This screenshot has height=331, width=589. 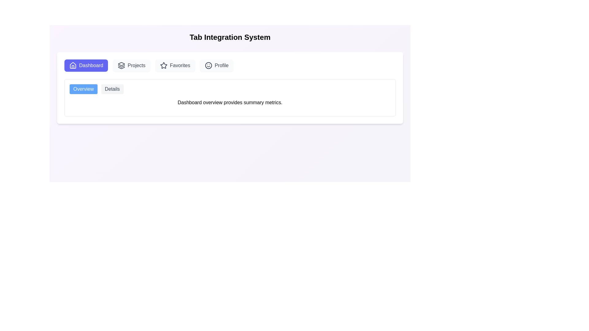 What do you see at coordinates (164, 65) in the screenshot?
I see `the star icon within the 'Favorites' button` at bounding box center [164, 65].